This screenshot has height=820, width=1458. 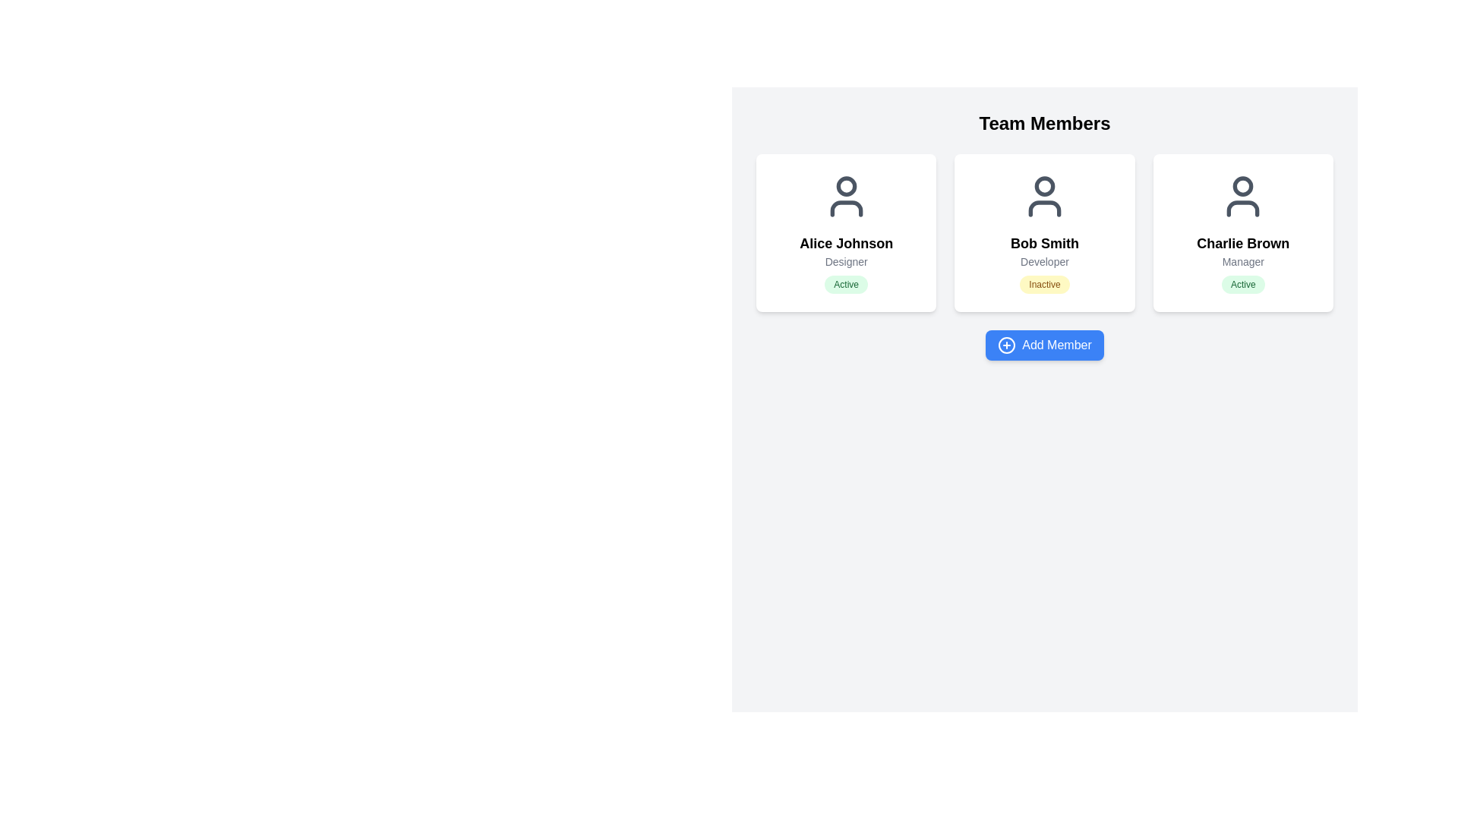 I want to click on the text label displaying the name of the person in the third card from the left, positioned above the text 'Manager', so click(x=1243, y=242).